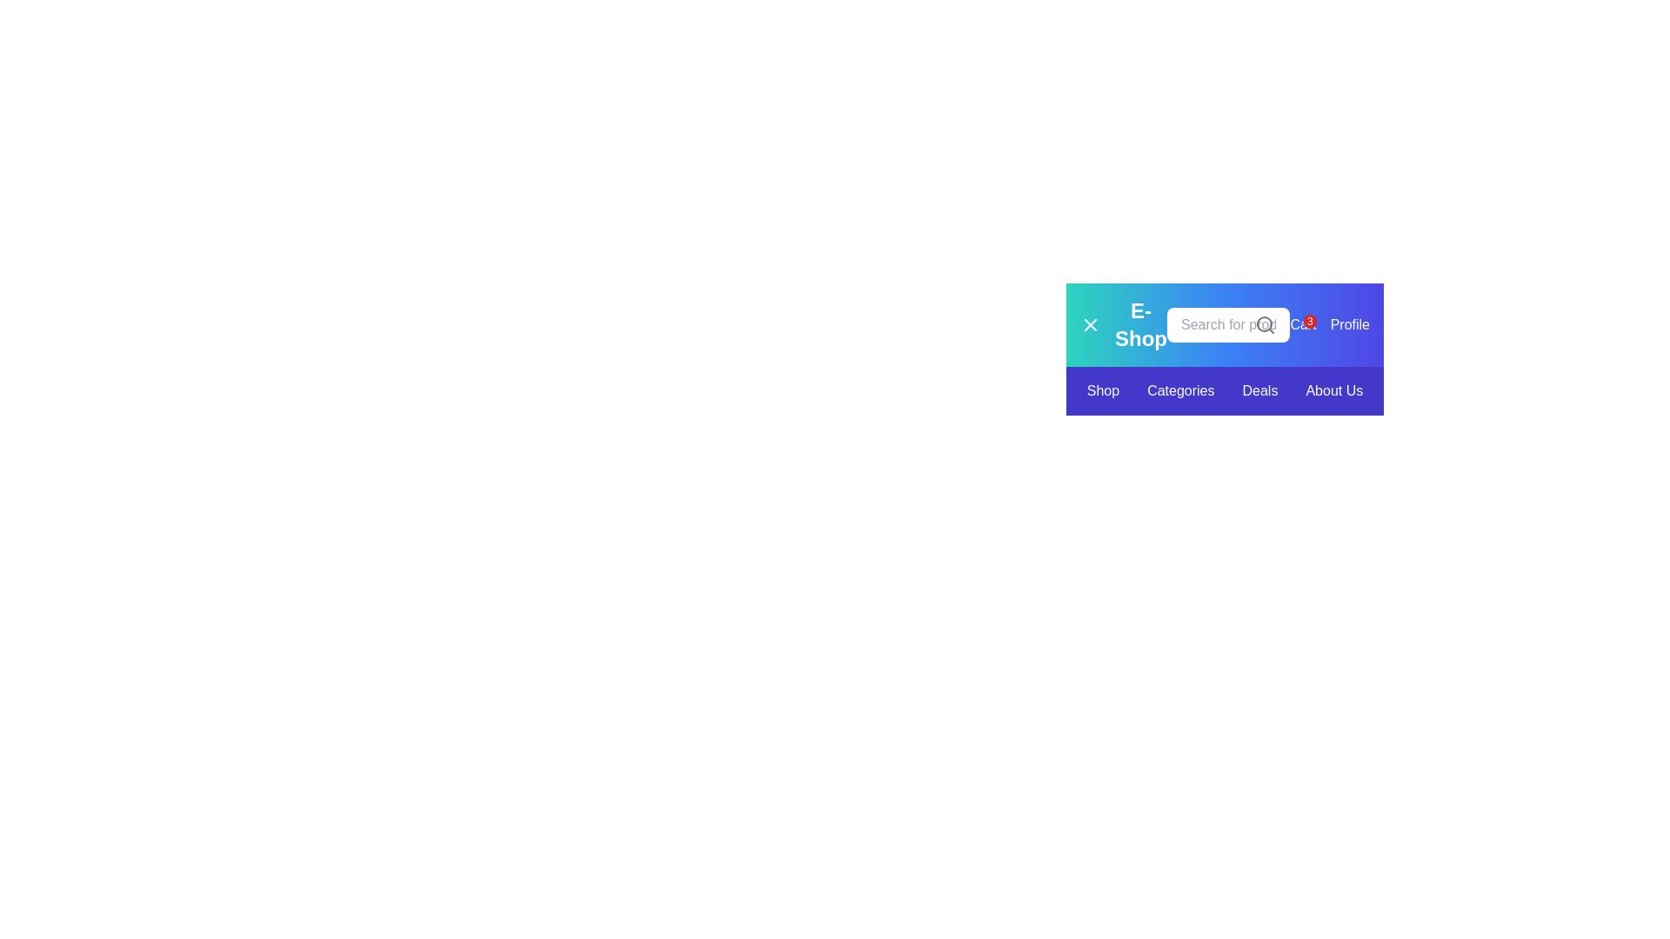  Describe the element at coordinates (1089, 325) in the screenshot. I see `the 'X' button located on the left side of the 'E-Shop' label` at that location.